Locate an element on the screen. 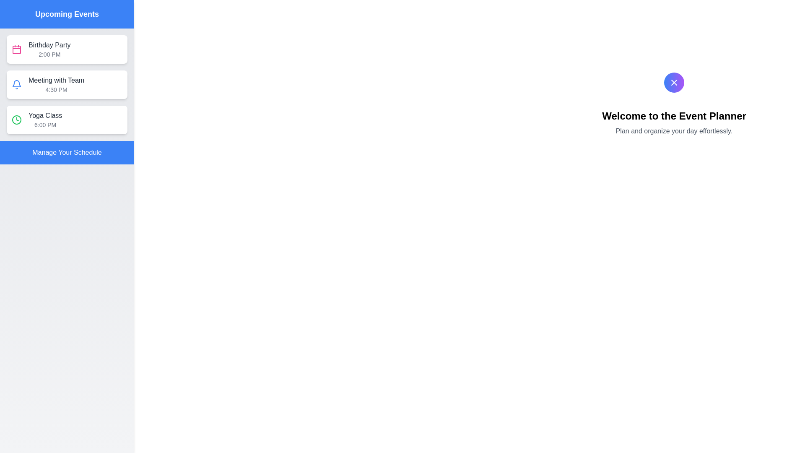  the green circular clock icon indicating the time for the 'Yoga Class' event, positioned above '6:00 PM' and adjacent to 'Yoga Class' is located at coordinates (16, 120).